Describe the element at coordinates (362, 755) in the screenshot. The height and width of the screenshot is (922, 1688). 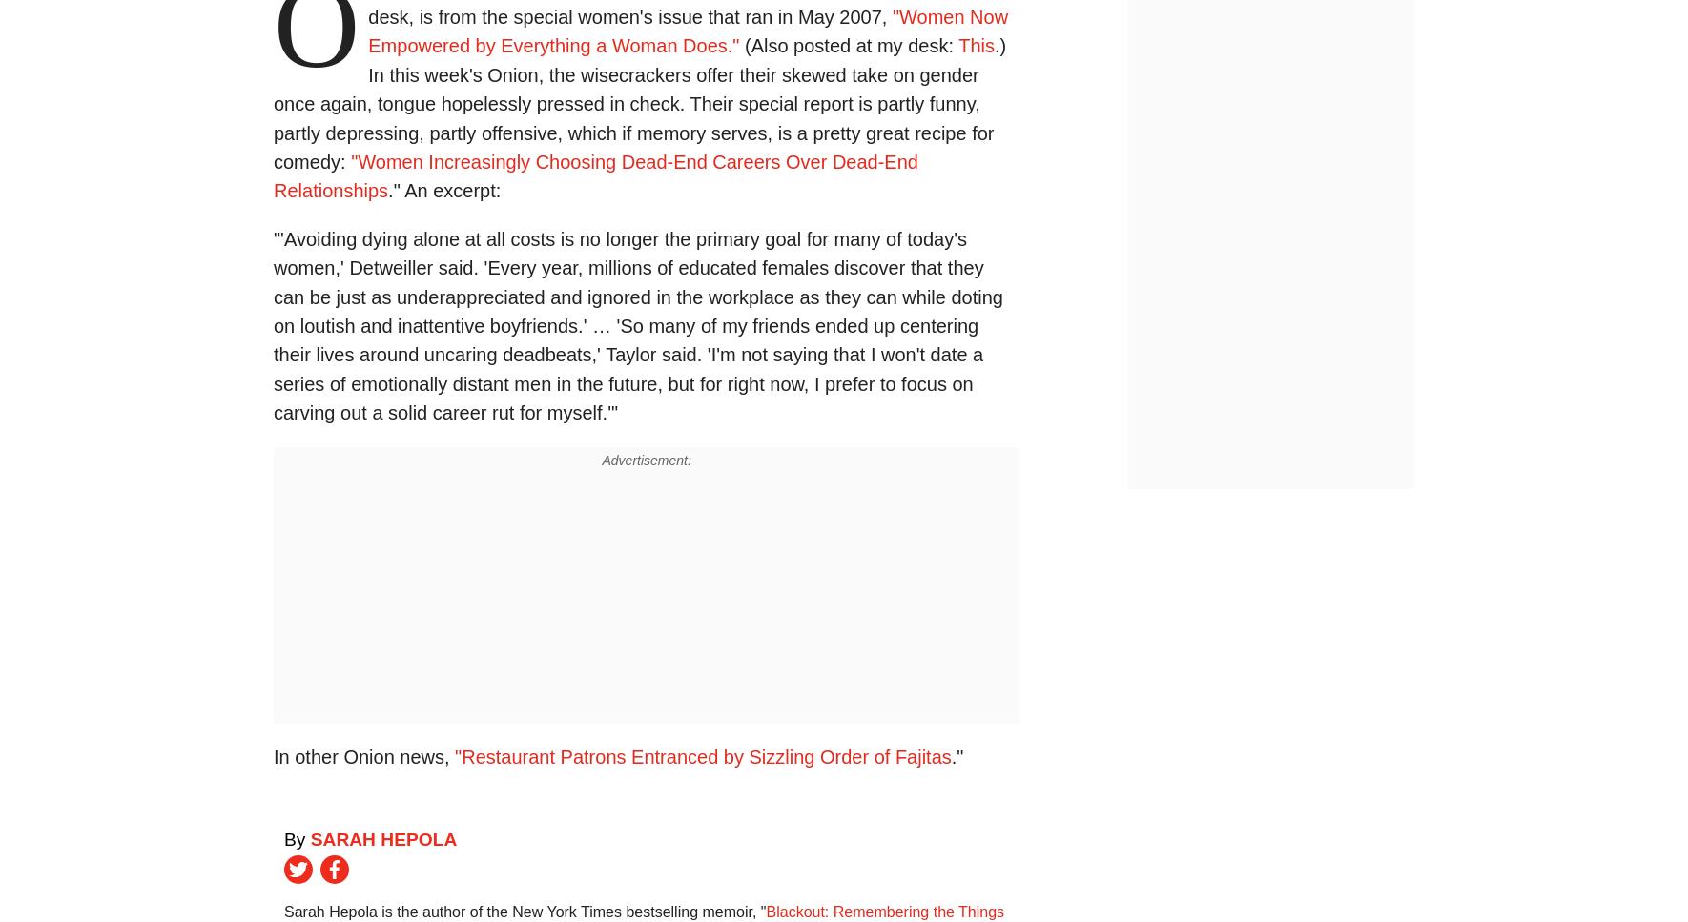
I see `'In other Onion news,'` at that location.